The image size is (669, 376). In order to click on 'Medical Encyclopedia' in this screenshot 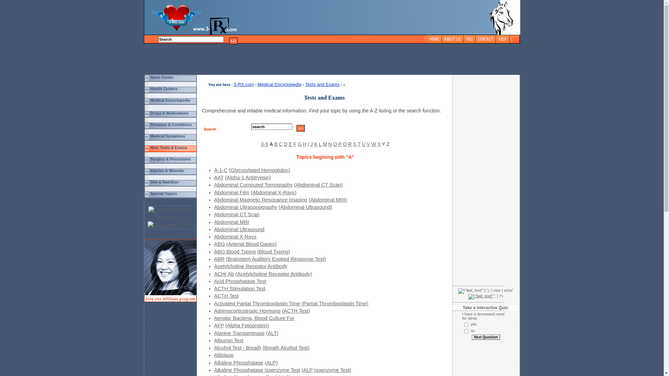, I will do `click(170, 100)`.